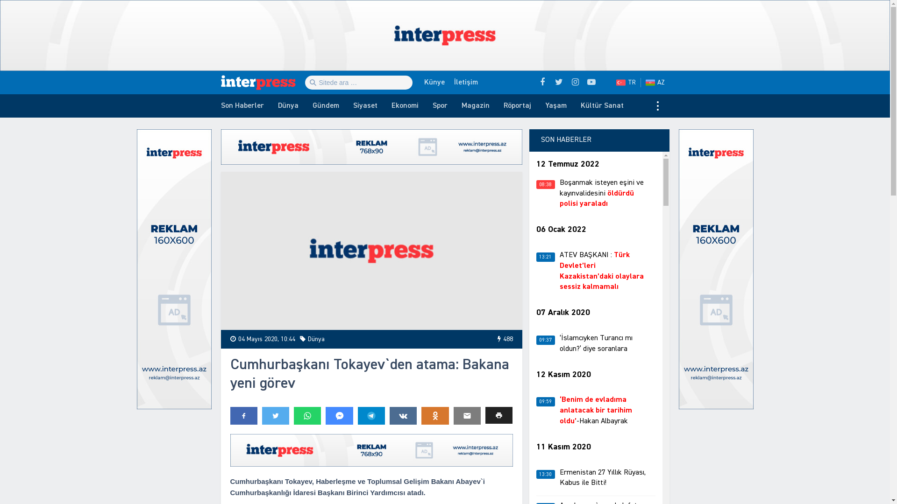  Describe the element at coordinates (338, 415) in the screenshot. I see `'Share: Messenger'` at that location.